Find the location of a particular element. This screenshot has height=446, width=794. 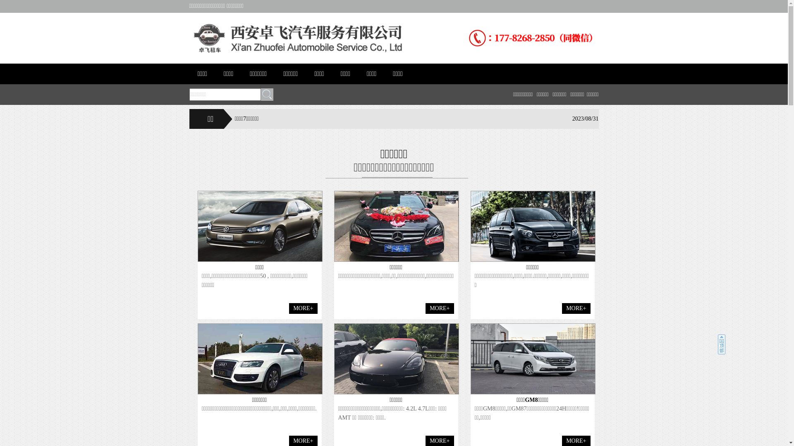

'MORE+' is located at coordinates (439, 308).